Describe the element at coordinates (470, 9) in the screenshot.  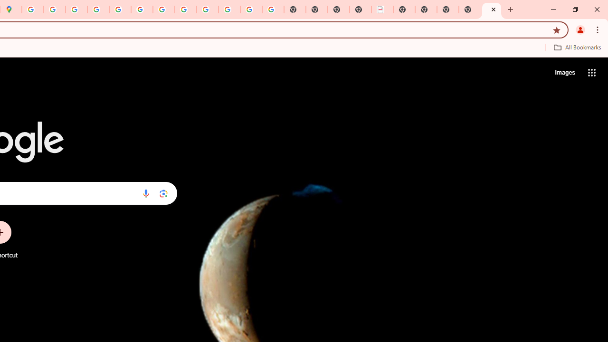
I see `'New Tab'` at that location.